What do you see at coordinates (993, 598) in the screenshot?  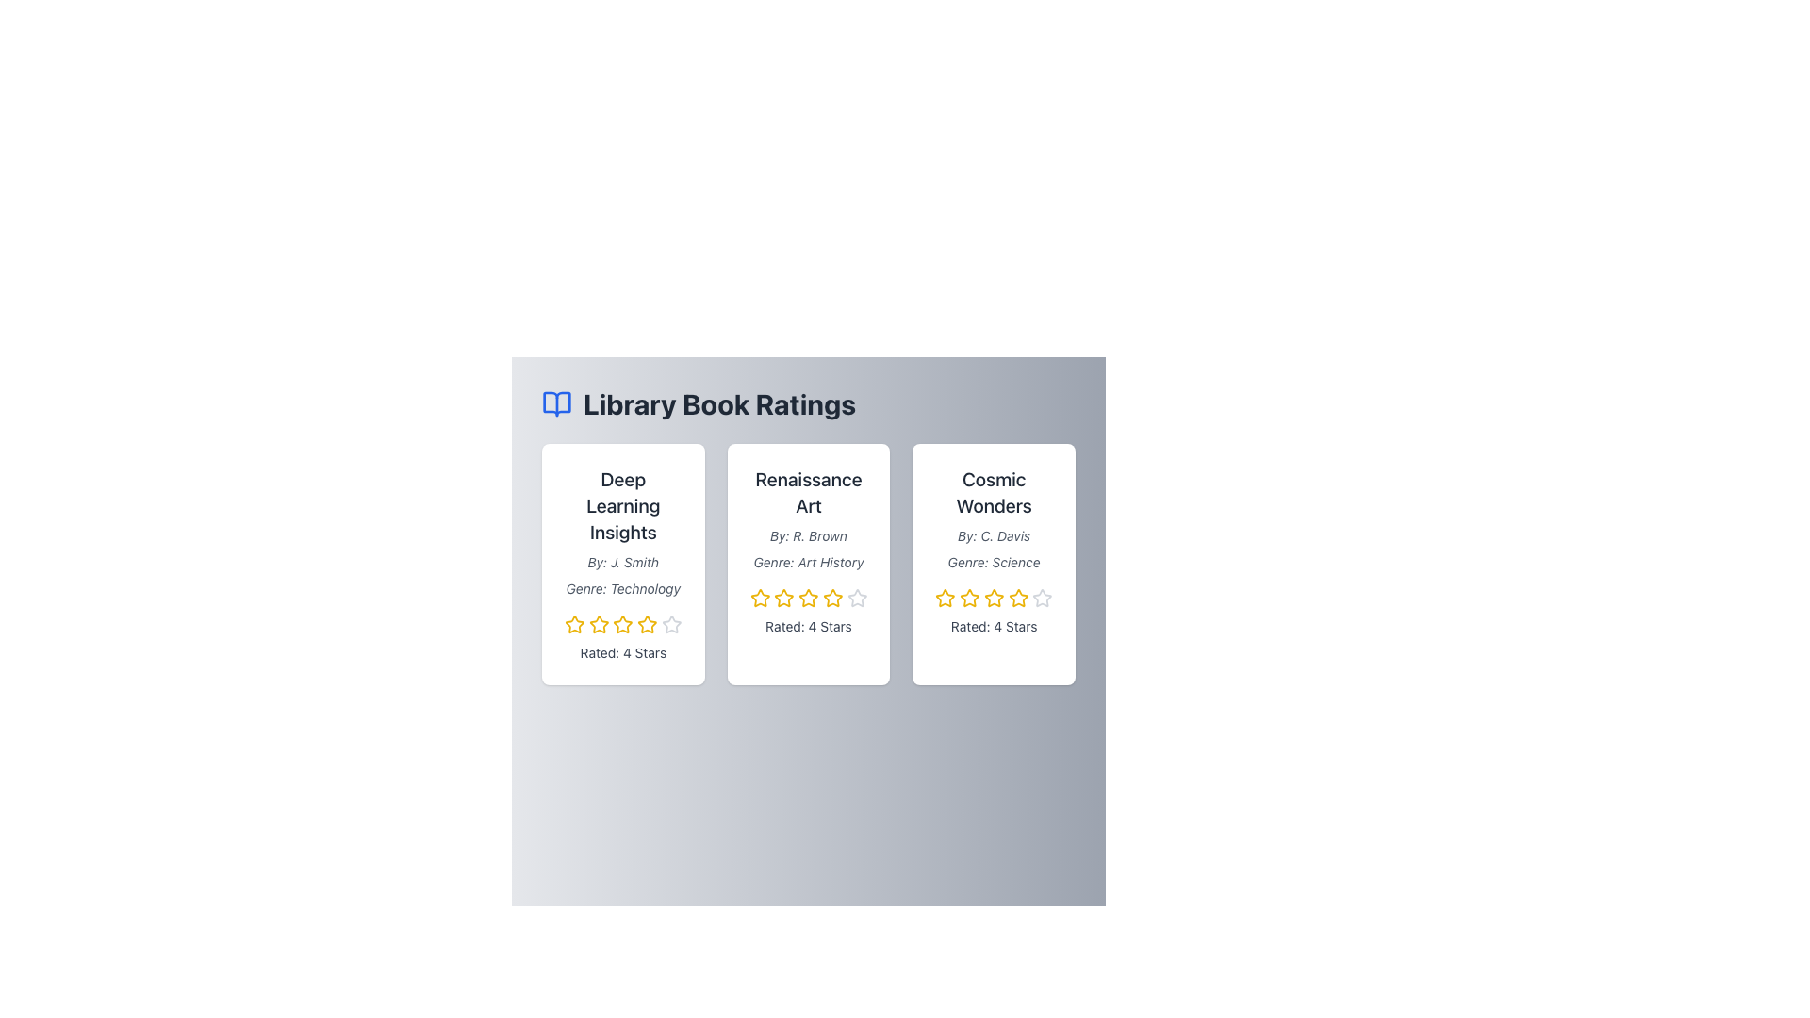 I see `the third star icon with a yellow outer border in the rating system for the 'Cosmic Wonders' item` at bounding box center [993, 598].